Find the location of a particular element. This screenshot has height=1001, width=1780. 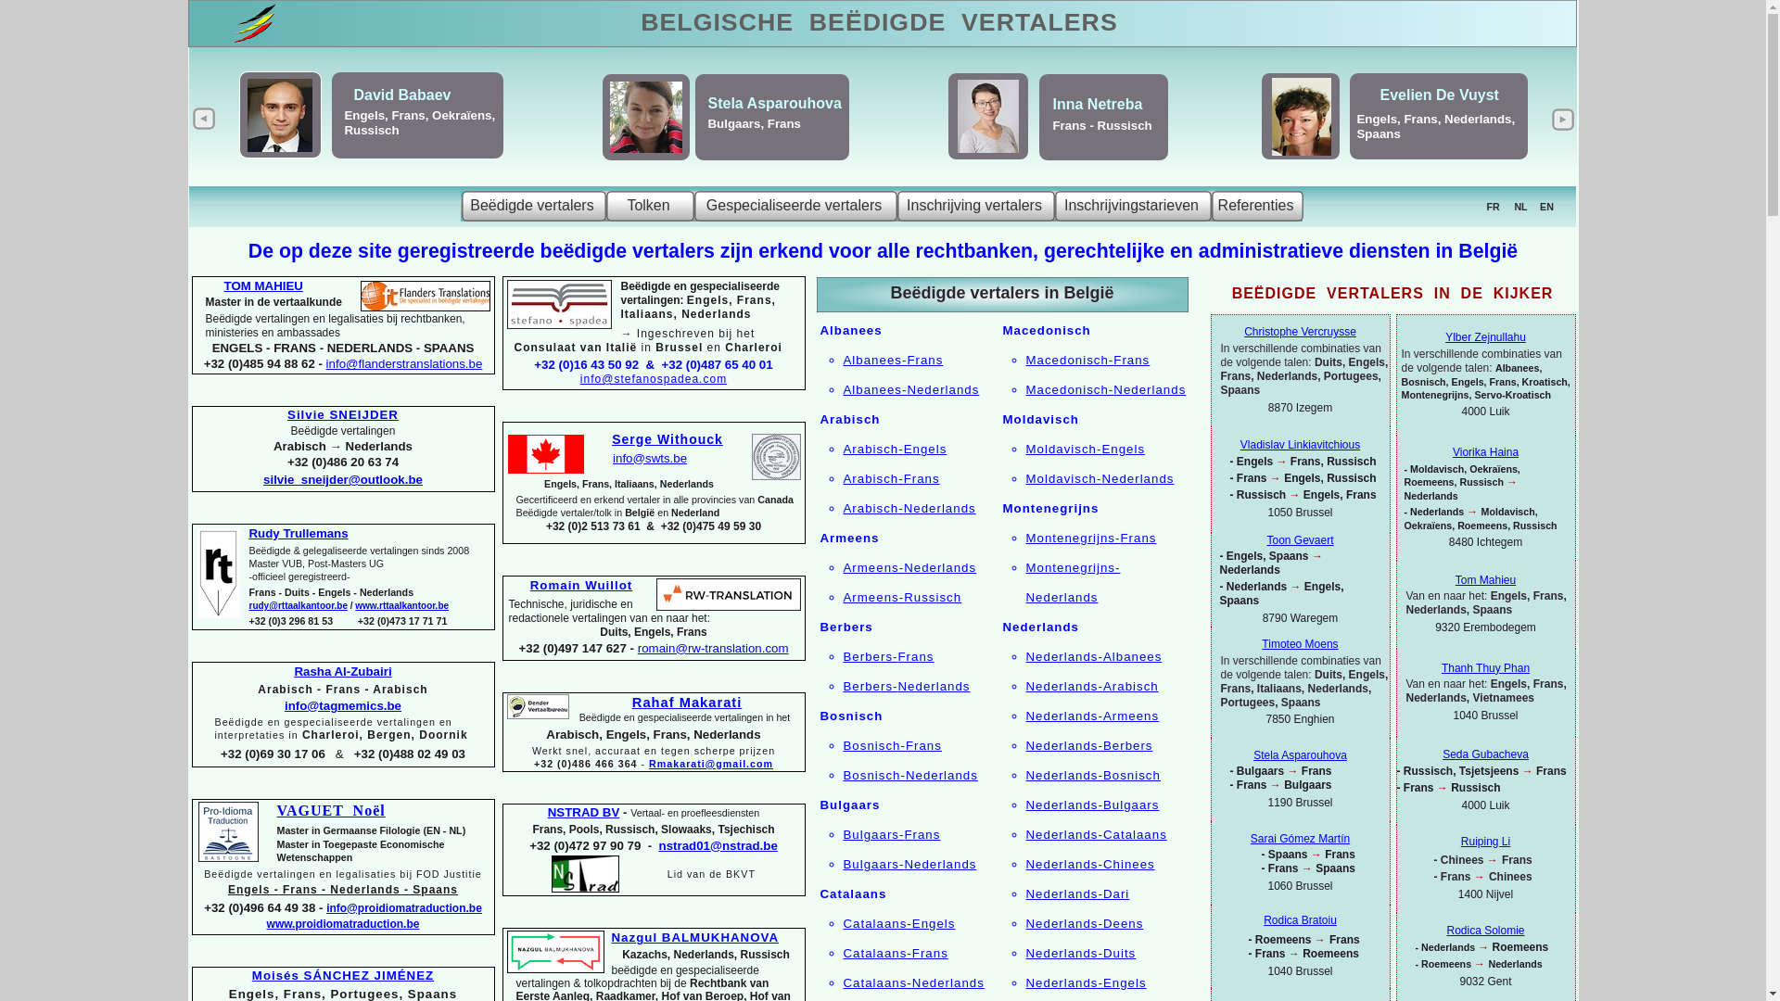

'Albanees-Nederlands' is located at coordinates (911, 388).